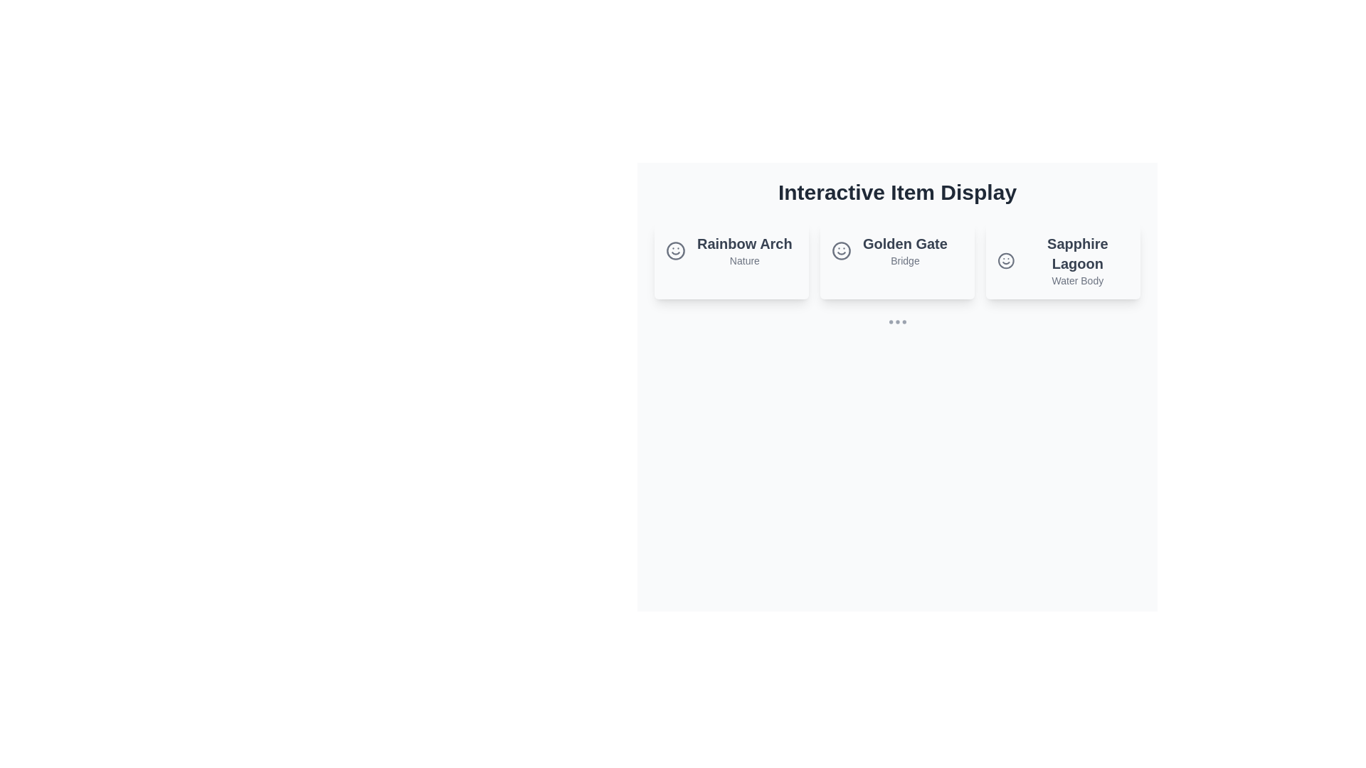  Describe the element at coordinates (1005, 260) in the screenshot. I see `the circular portion of the smiley face icon within the 'Sapphire Lagoon' card, which is the third card in a horizontal list below the 'Interactive Item Display' title` at that location.